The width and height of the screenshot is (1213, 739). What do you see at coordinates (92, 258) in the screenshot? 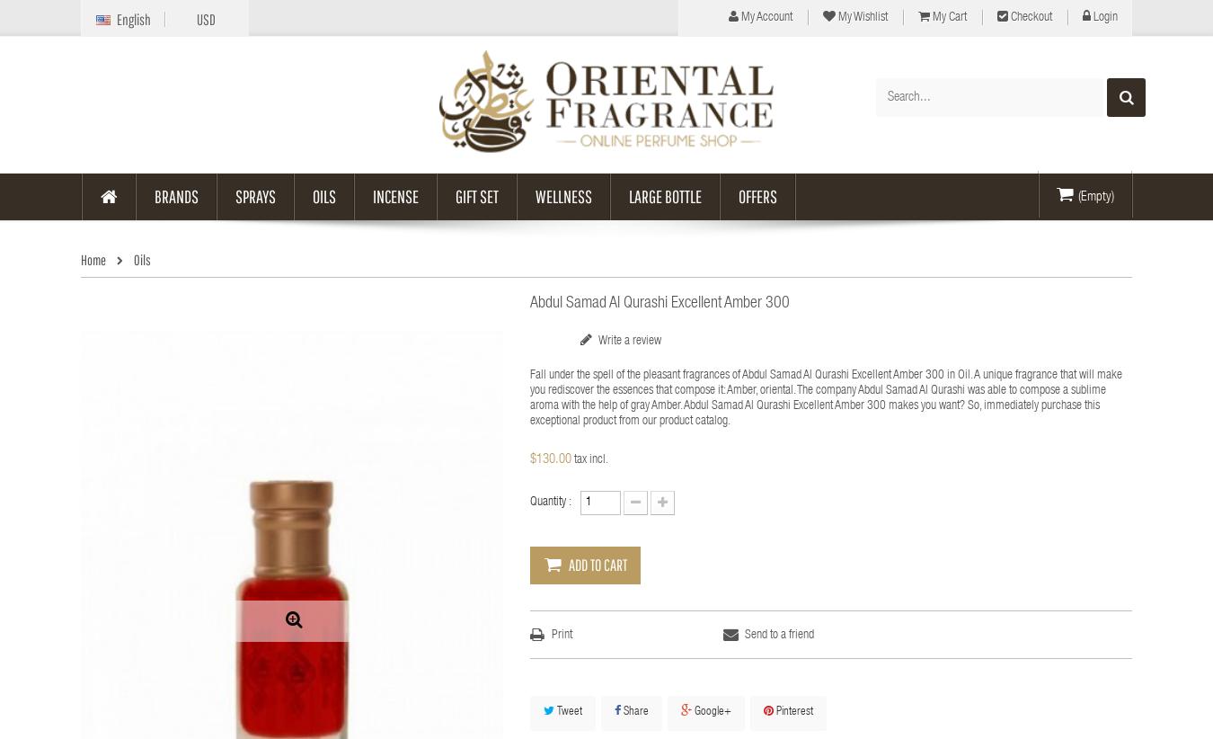
I see `'Home'` at bounding box center [92, 258].